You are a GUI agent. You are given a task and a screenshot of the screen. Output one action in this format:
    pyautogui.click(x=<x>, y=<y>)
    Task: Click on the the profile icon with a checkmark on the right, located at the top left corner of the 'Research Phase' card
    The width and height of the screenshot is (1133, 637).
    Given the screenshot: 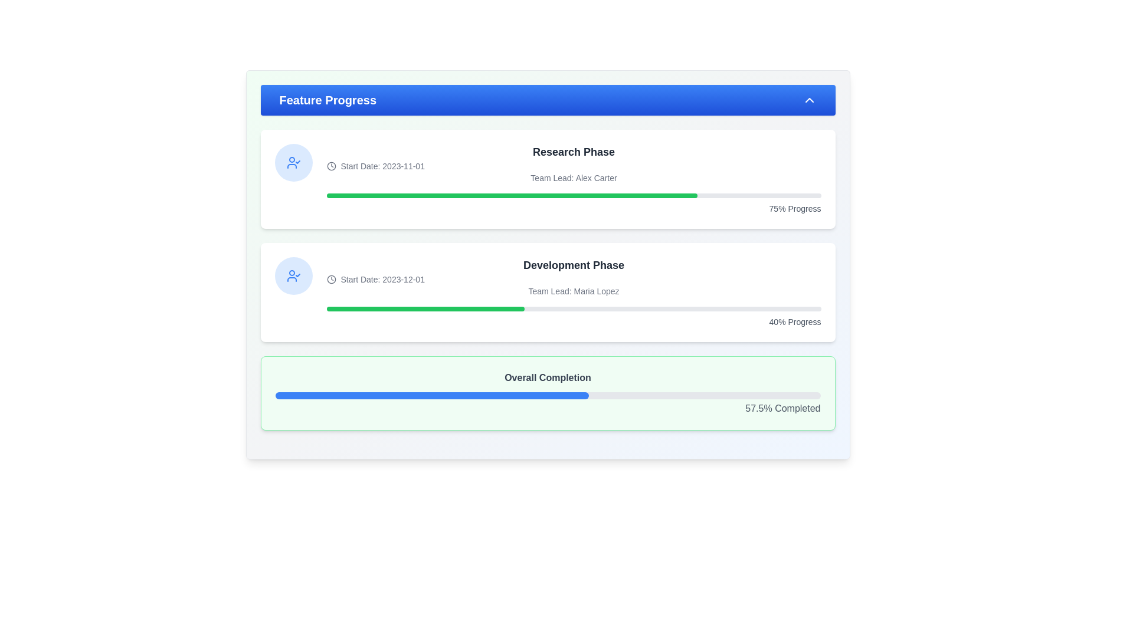 What is the action you would take?
    pyautogui.click(x=293, y=275)
    